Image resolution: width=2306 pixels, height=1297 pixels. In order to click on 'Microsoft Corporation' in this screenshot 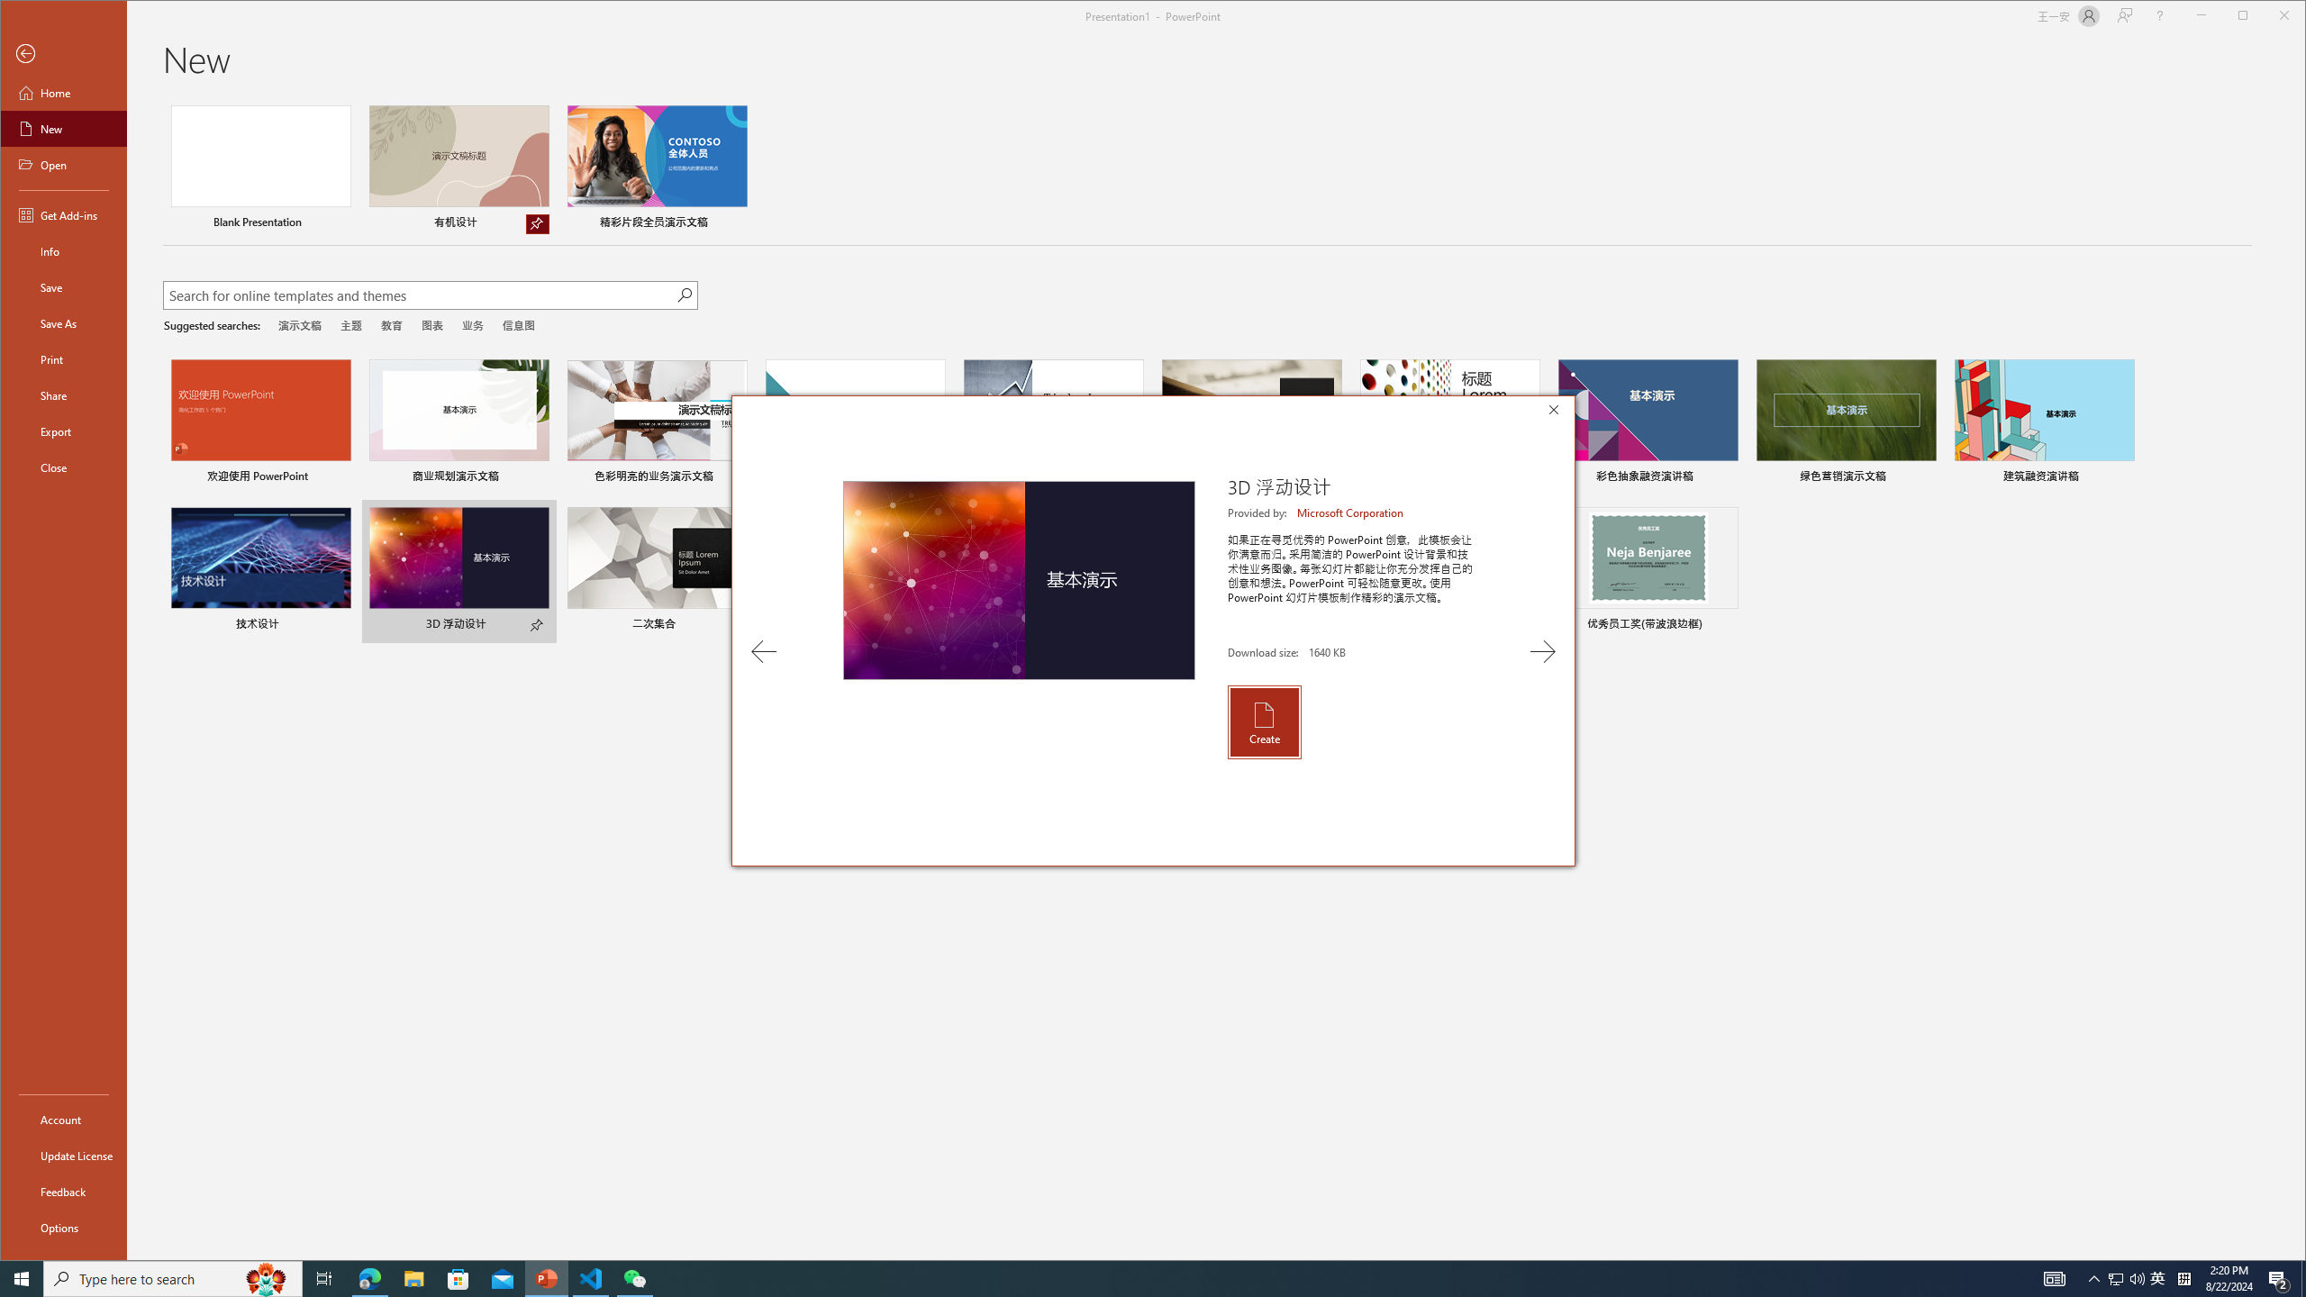, I will do `click(1351, 512)`.